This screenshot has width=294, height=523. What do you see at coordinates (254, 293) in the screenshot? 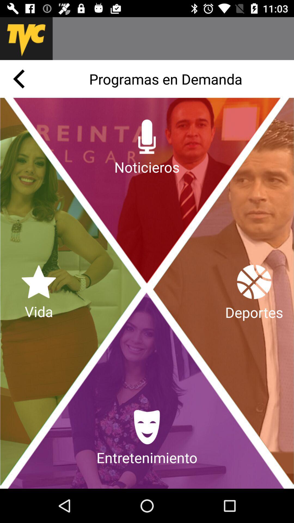
I see `deportes icon` at bounding box center [254, 293].